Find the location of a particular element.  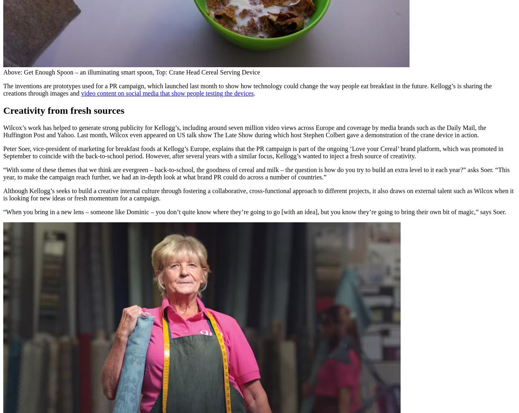

'“When you bring in a new lens – someone like Dominic – you don’t quite know where they’re going to go [with an idea], but you know they’re going to bring their own bit of magic,” says Soer.' is located at coordinates (254, 211).